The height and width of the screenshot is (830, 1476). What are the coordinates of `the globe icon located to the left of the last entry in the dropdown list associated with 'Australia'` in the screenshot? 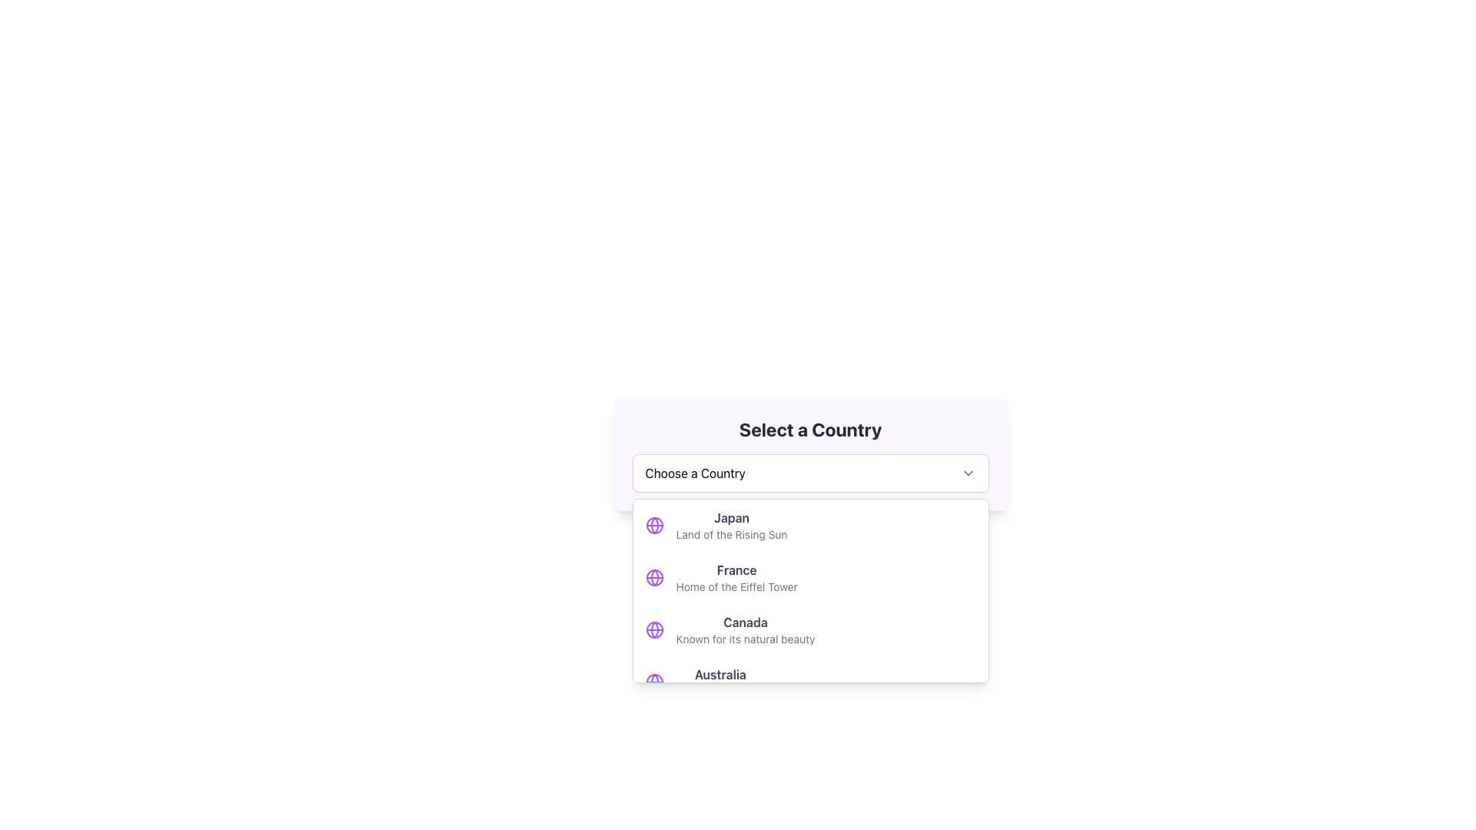 It's located at (654, 681).